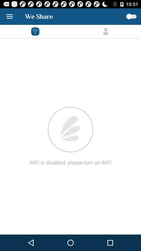 The height and width of the screenshot is (251, 141). Describe the element at coordinates (70, 129) in the screenshot. I see `the item above the wifi is disabled` at that location.